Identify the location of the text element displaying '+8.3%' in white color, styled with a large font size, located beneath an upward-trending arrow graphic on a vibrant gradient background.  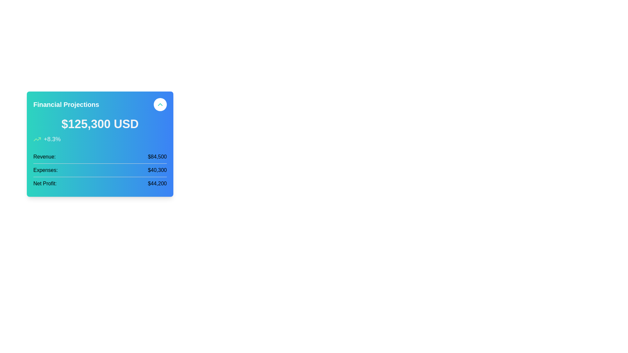
(52, 139).